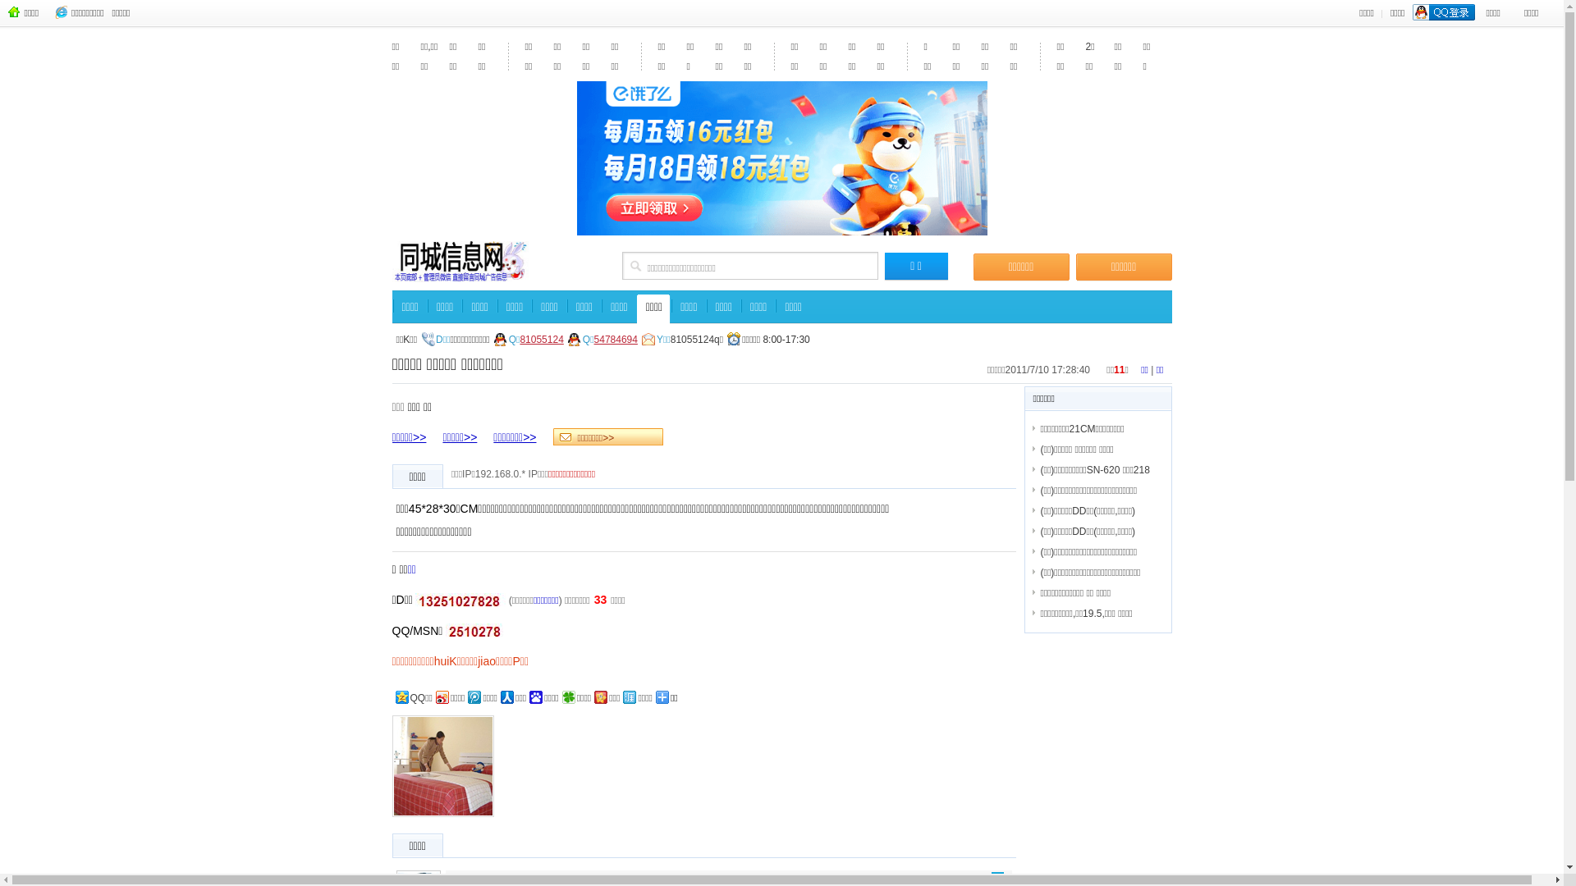  I want to click on '54784694', so click(615, 338).